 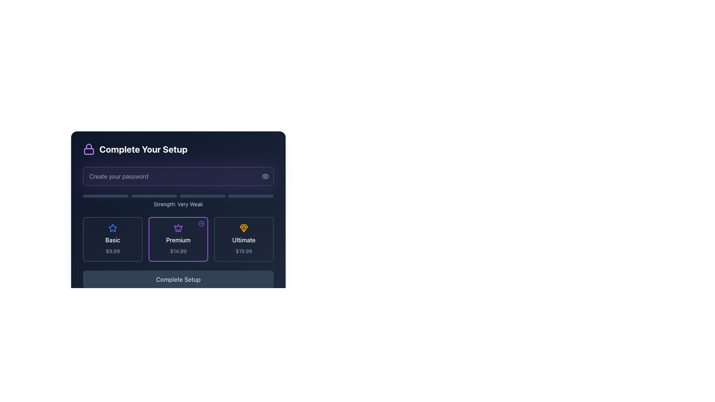 What do you see at coordinates (89, 149) in the screenshot?
I see `the purple lock icon located at the leftmost side of the header area, just before the text 'Complete Your Setup'` at bounding box center [89, 149].